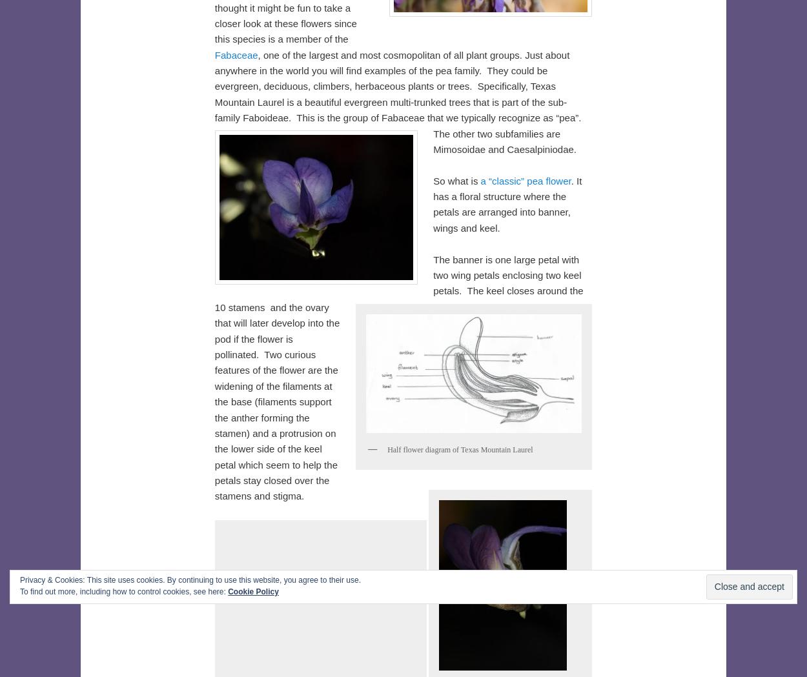  Describe the element at coordinates (525, 179) in the screenshot. I see `'a “classic” pea flower'` at that location.